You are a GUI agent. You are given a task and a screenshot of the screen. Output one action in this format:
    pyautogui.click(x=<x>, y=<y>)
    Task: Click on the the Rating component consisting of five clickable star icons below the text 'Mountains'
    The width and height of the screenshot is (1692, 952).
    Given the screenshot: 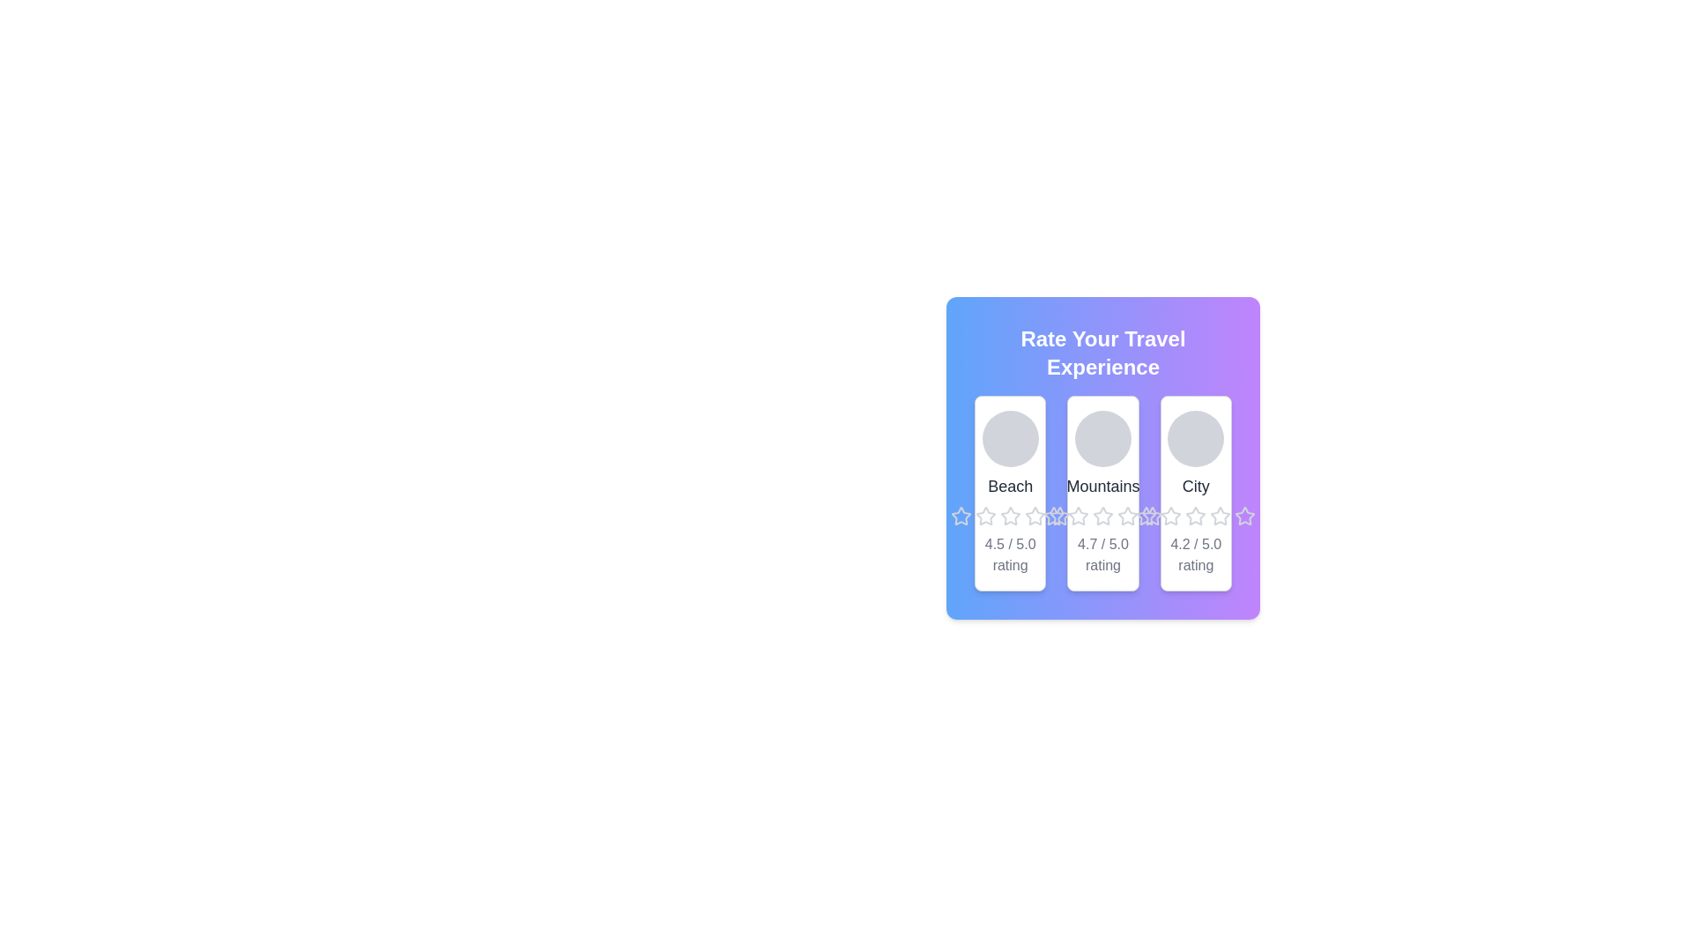 What is the action you would take?
    pyautogui.click(x=1102, y=516)
    